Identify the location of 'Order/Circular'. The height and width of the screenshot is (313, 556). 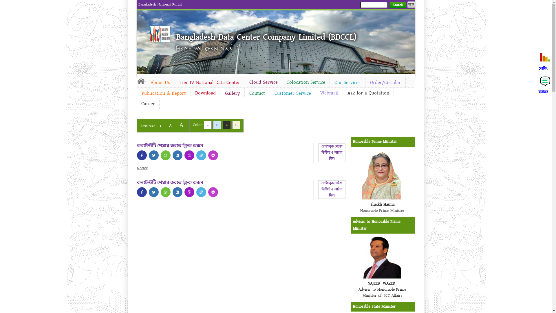
(385, 83).